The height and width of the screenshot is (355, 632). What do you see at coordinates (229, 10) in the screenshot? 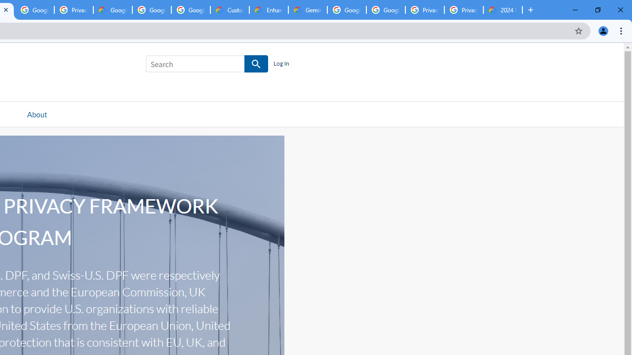
I see `'Customer Care | Google Cloud'` at bounding box center [229, 10].